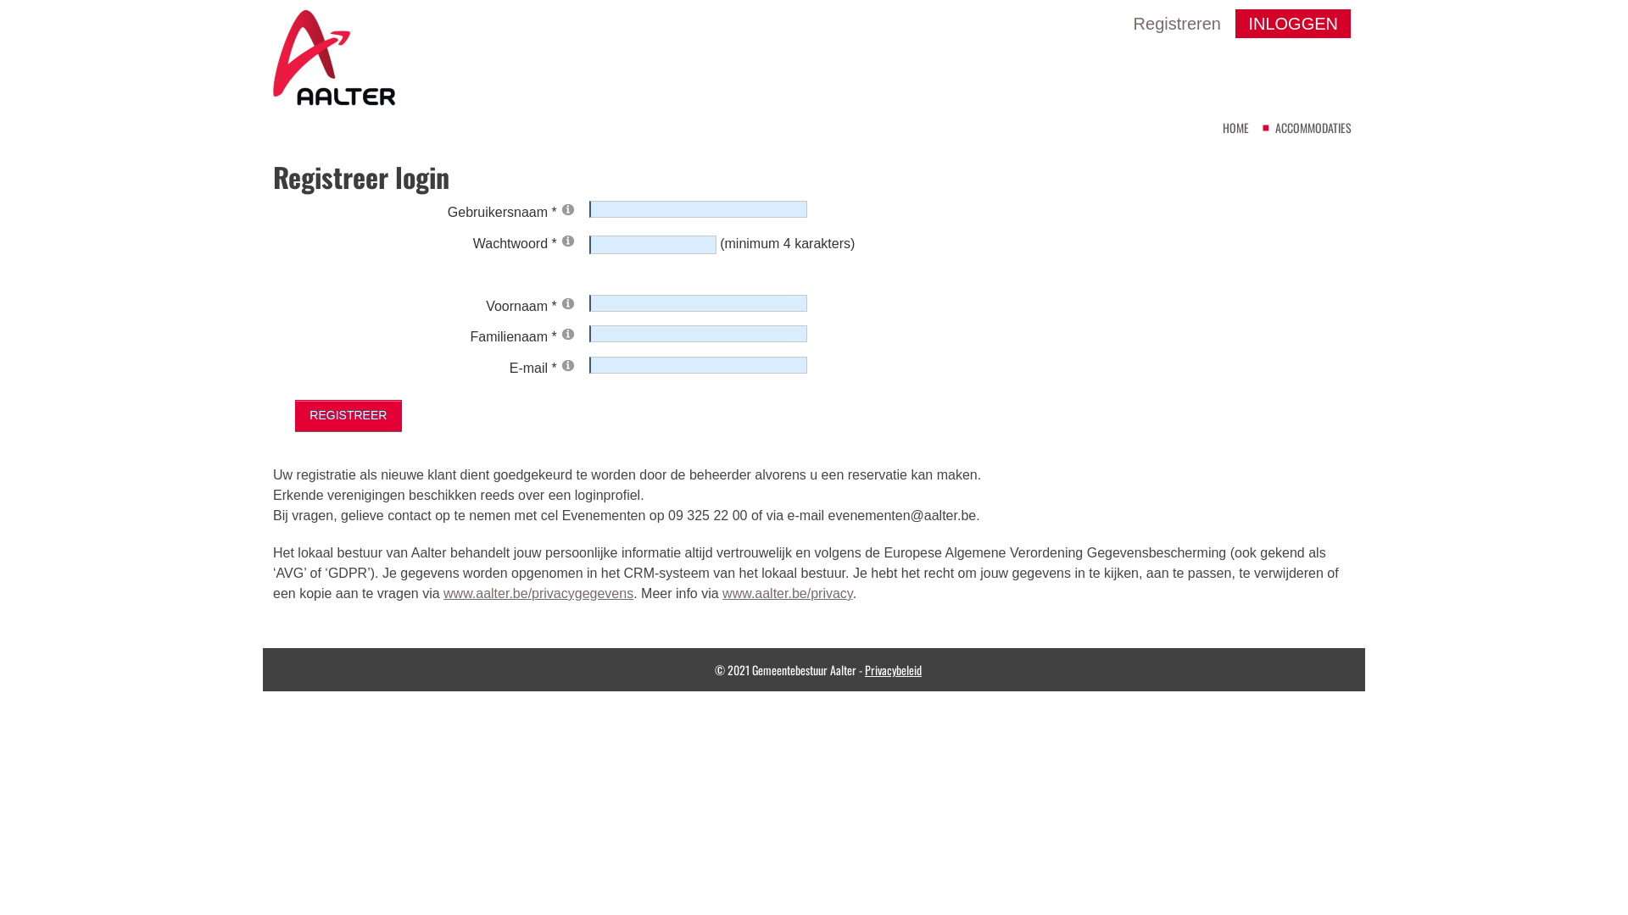  Describe the element at coordinates (1134, 23) in the screenshot. I see `'Registreren'` at that location.